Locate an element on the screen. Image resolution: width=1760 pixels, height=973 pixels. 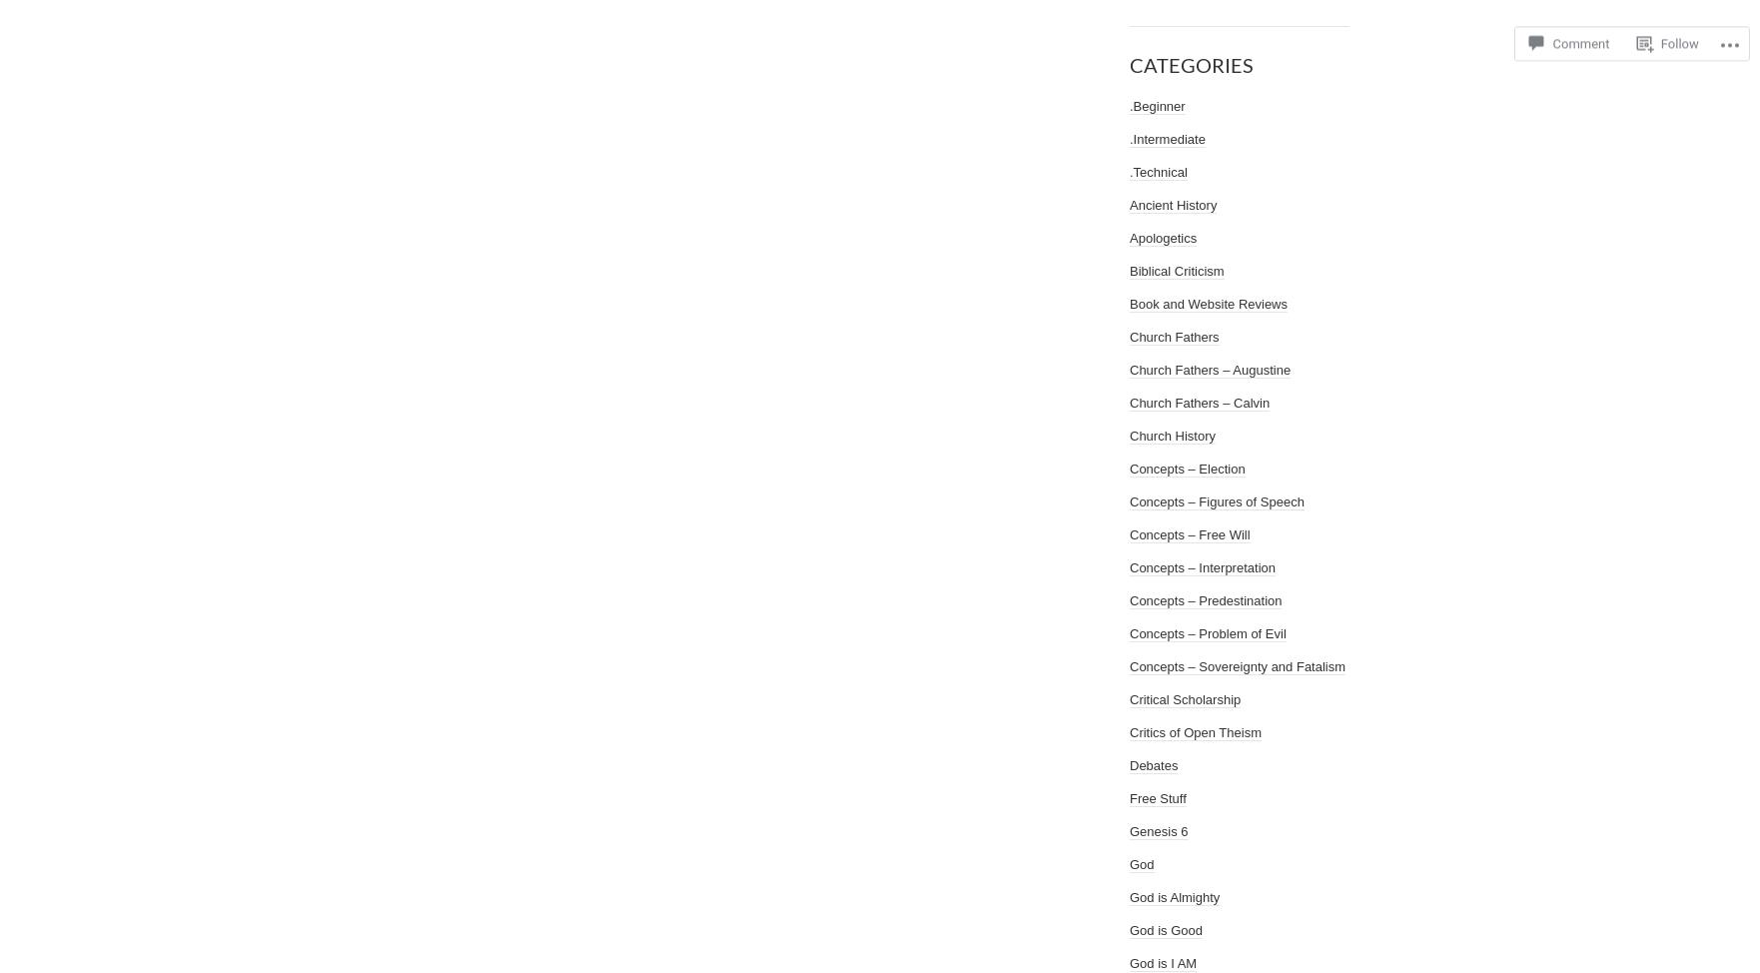
'Church History' is located at coordinates (1172, 435).